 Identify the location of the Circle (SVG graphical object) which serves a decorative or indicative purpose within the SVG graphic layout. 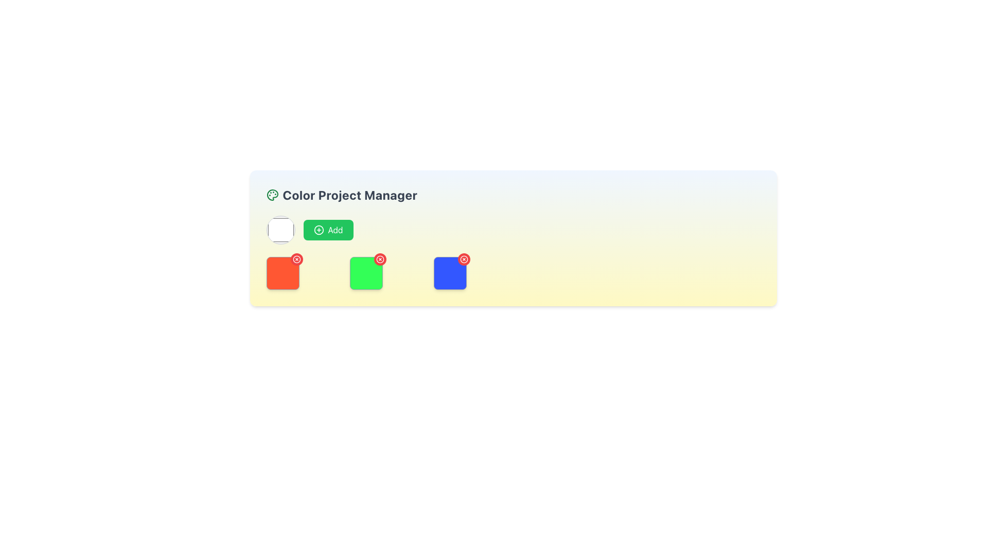
(463, 259).